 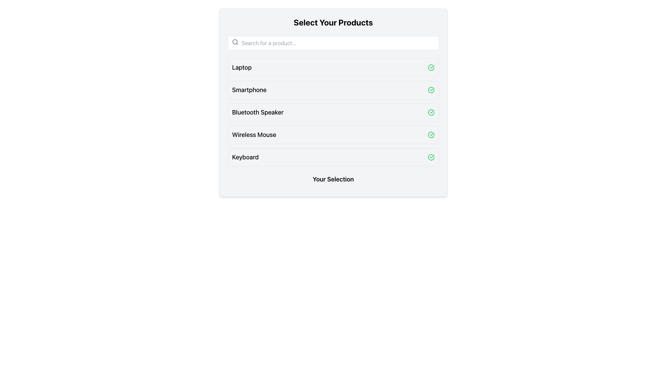 What do you see at coordinates (431, 157) in the screenshot?
I see `the green circular icon with a check mark inside, located to the right of the text 'Keyboard', to deselect the item` at bounding box center [431, 157].